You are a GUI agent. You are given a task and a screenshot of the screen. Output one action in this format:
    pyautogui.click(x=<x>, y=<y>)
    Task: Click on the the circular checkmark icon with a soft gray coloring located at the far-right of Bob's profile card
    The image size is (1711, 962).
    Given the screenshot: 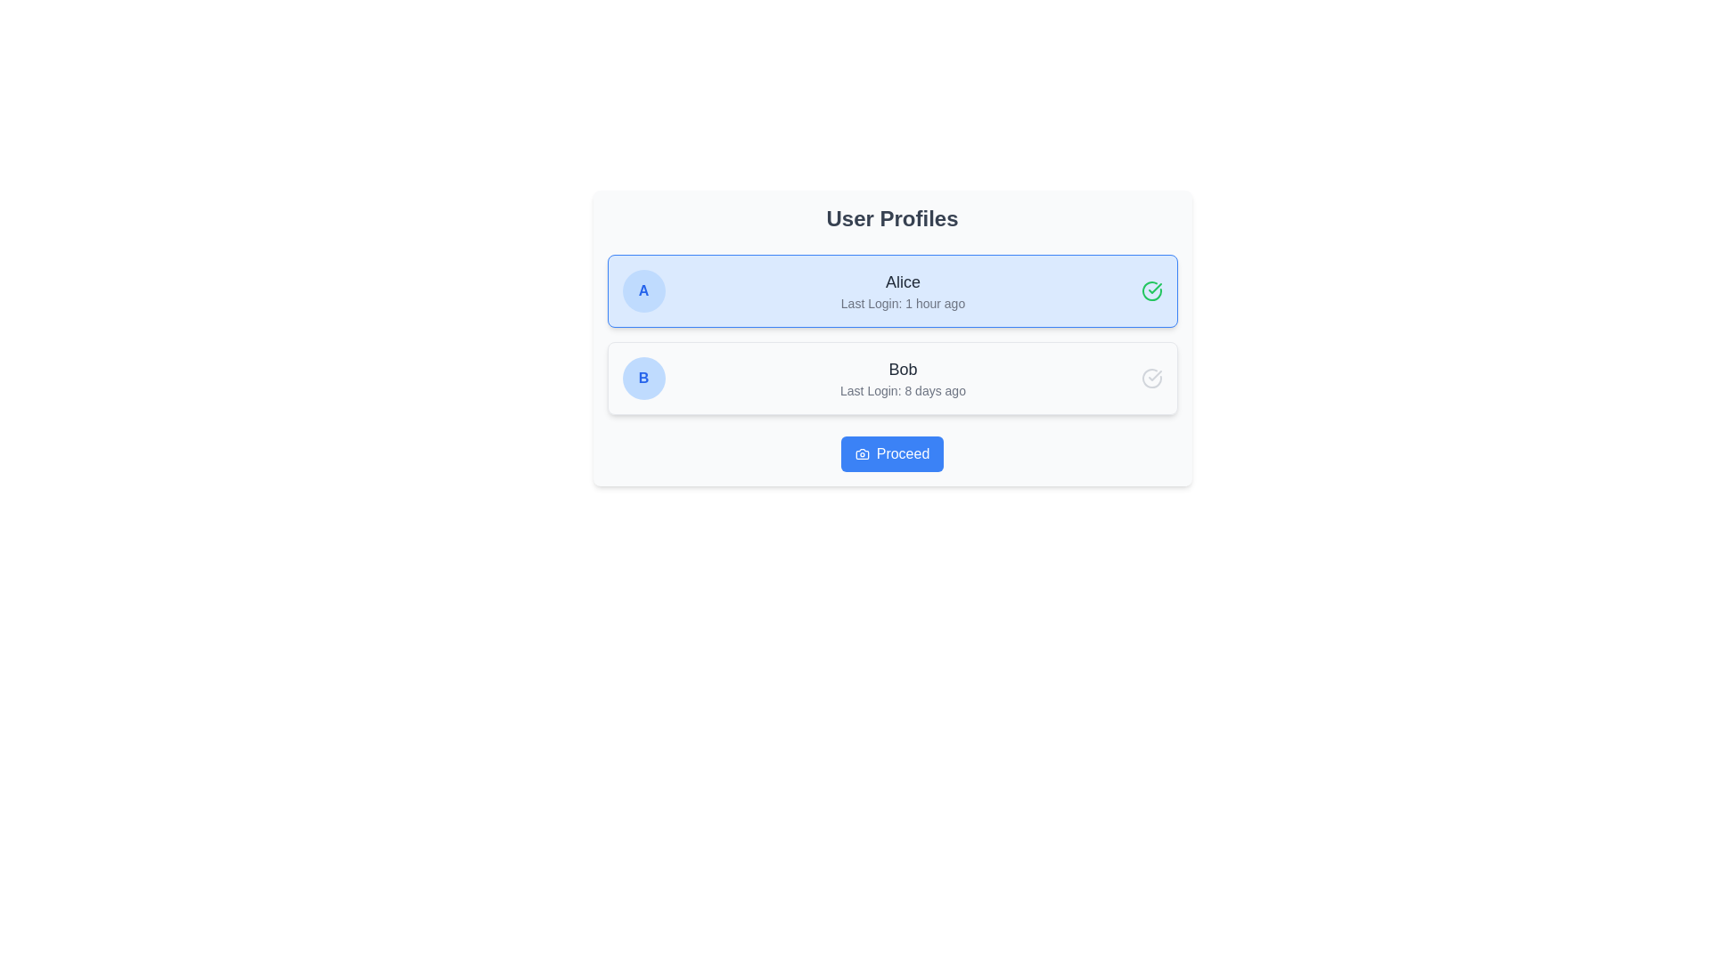 What is the action you would take?
    pyautogui.click(x=1151, y=377)
    